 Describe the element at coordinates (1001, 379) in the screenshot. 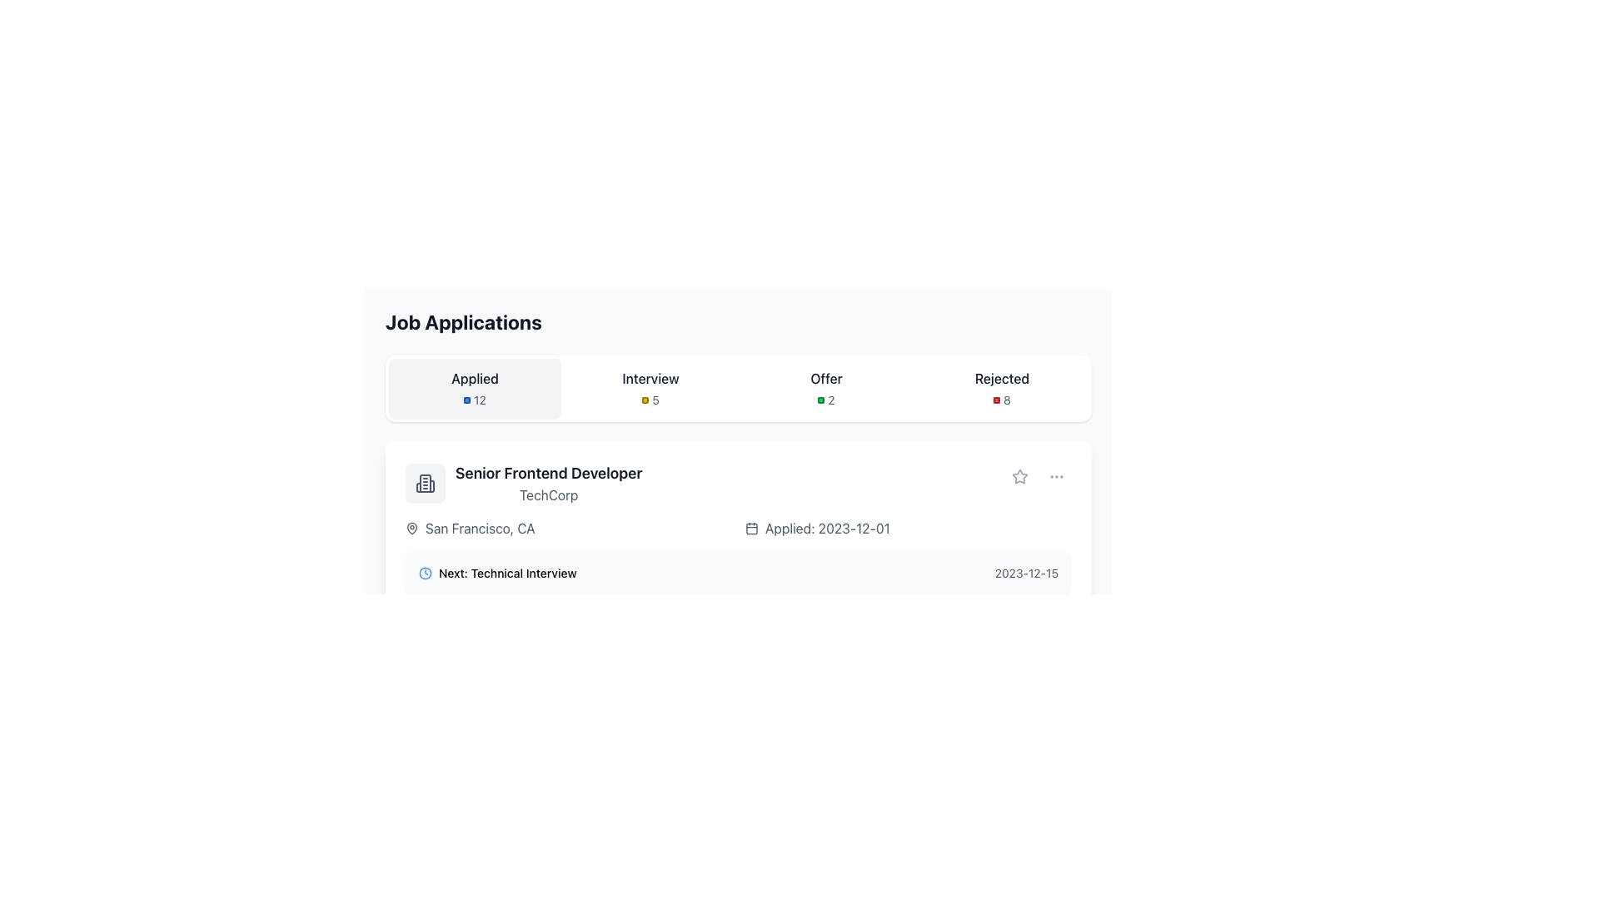

I see `the text label displaying 'Rejected', which is the rightmost element in a horizontal row of similar status labels` at that location.